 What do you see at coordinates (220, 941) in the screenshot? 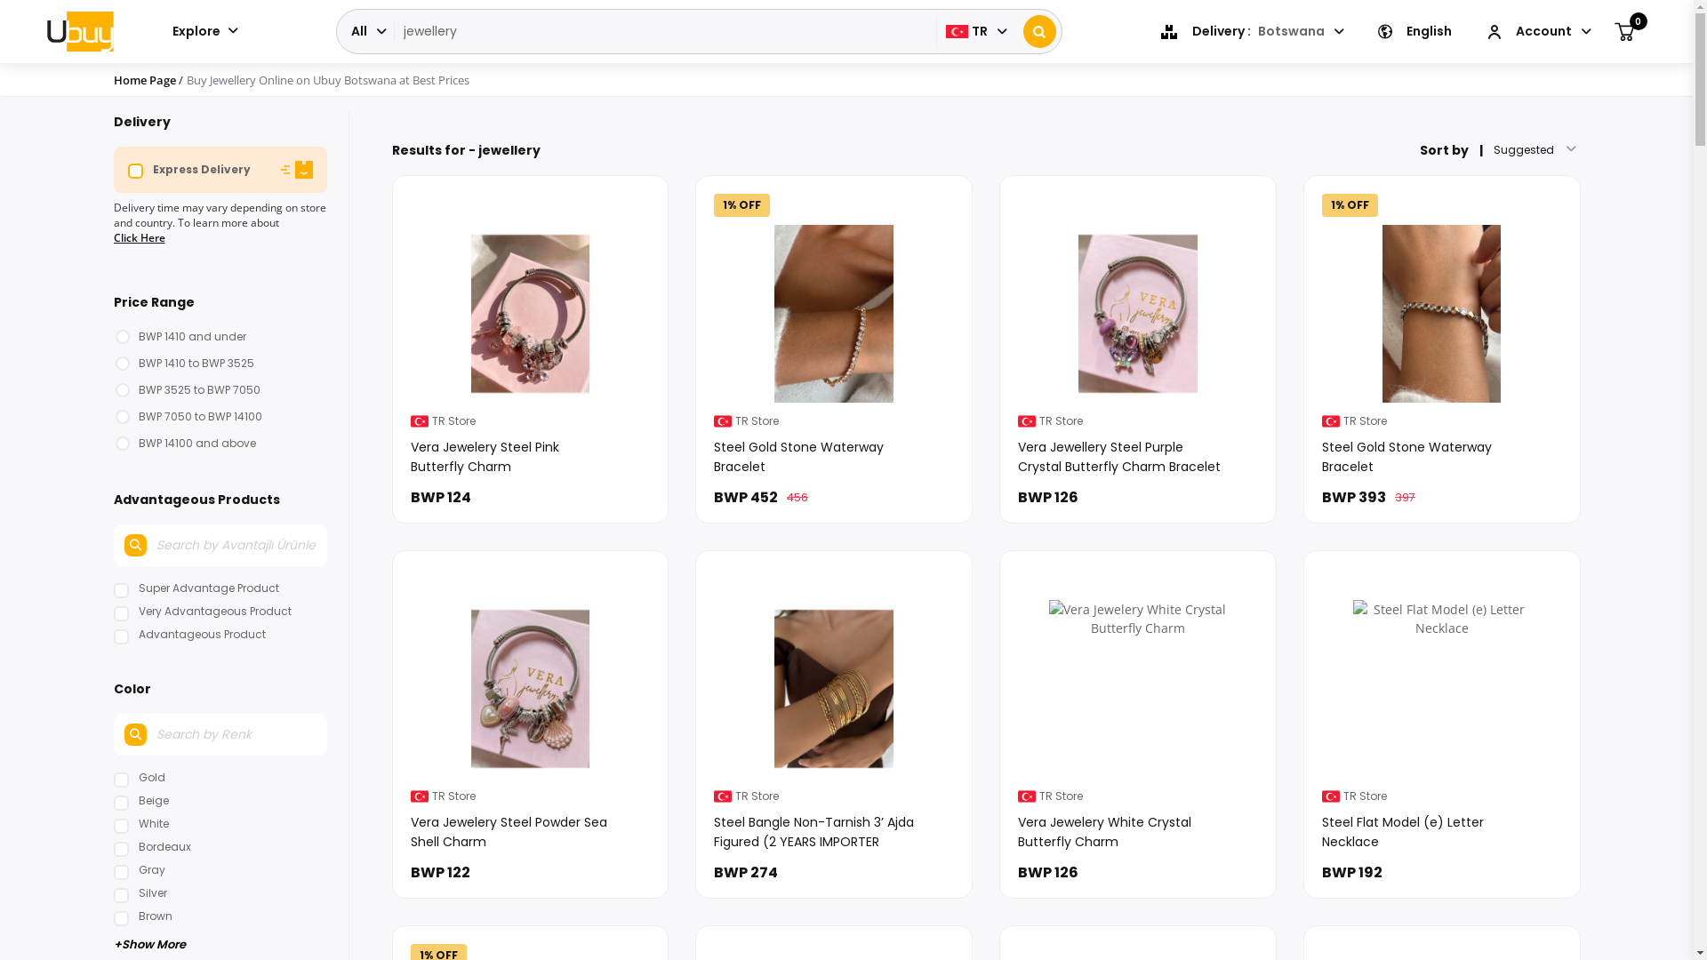
I see `'+Show More'` at bounding box center [220, 941].